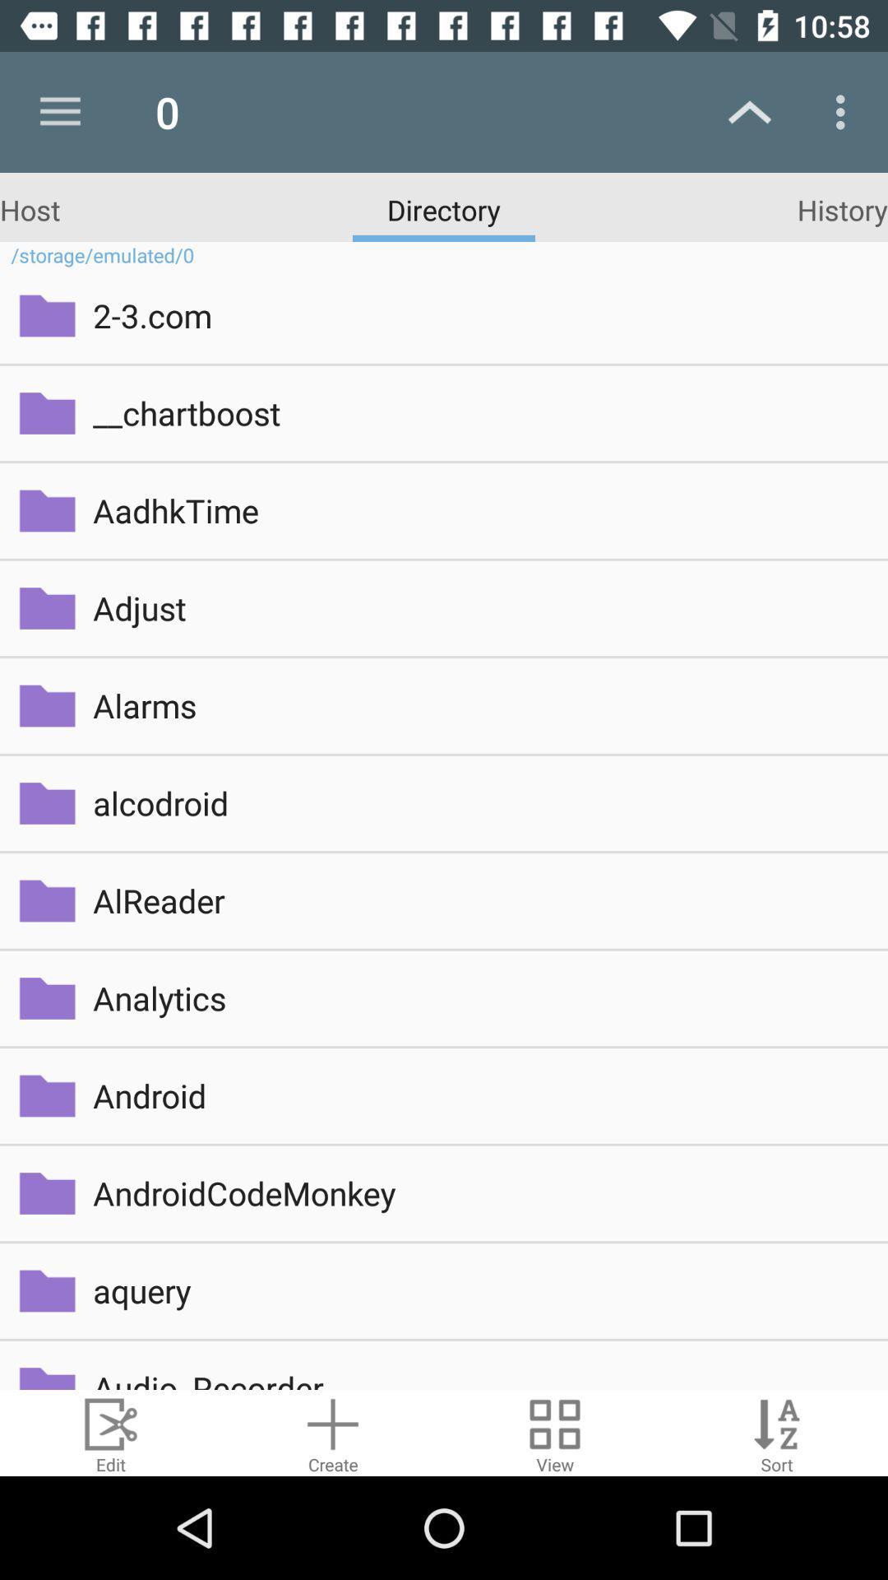  Describe the element at coordinates (111, 1432) in the screenshot. I see `edit directory info` at that location.